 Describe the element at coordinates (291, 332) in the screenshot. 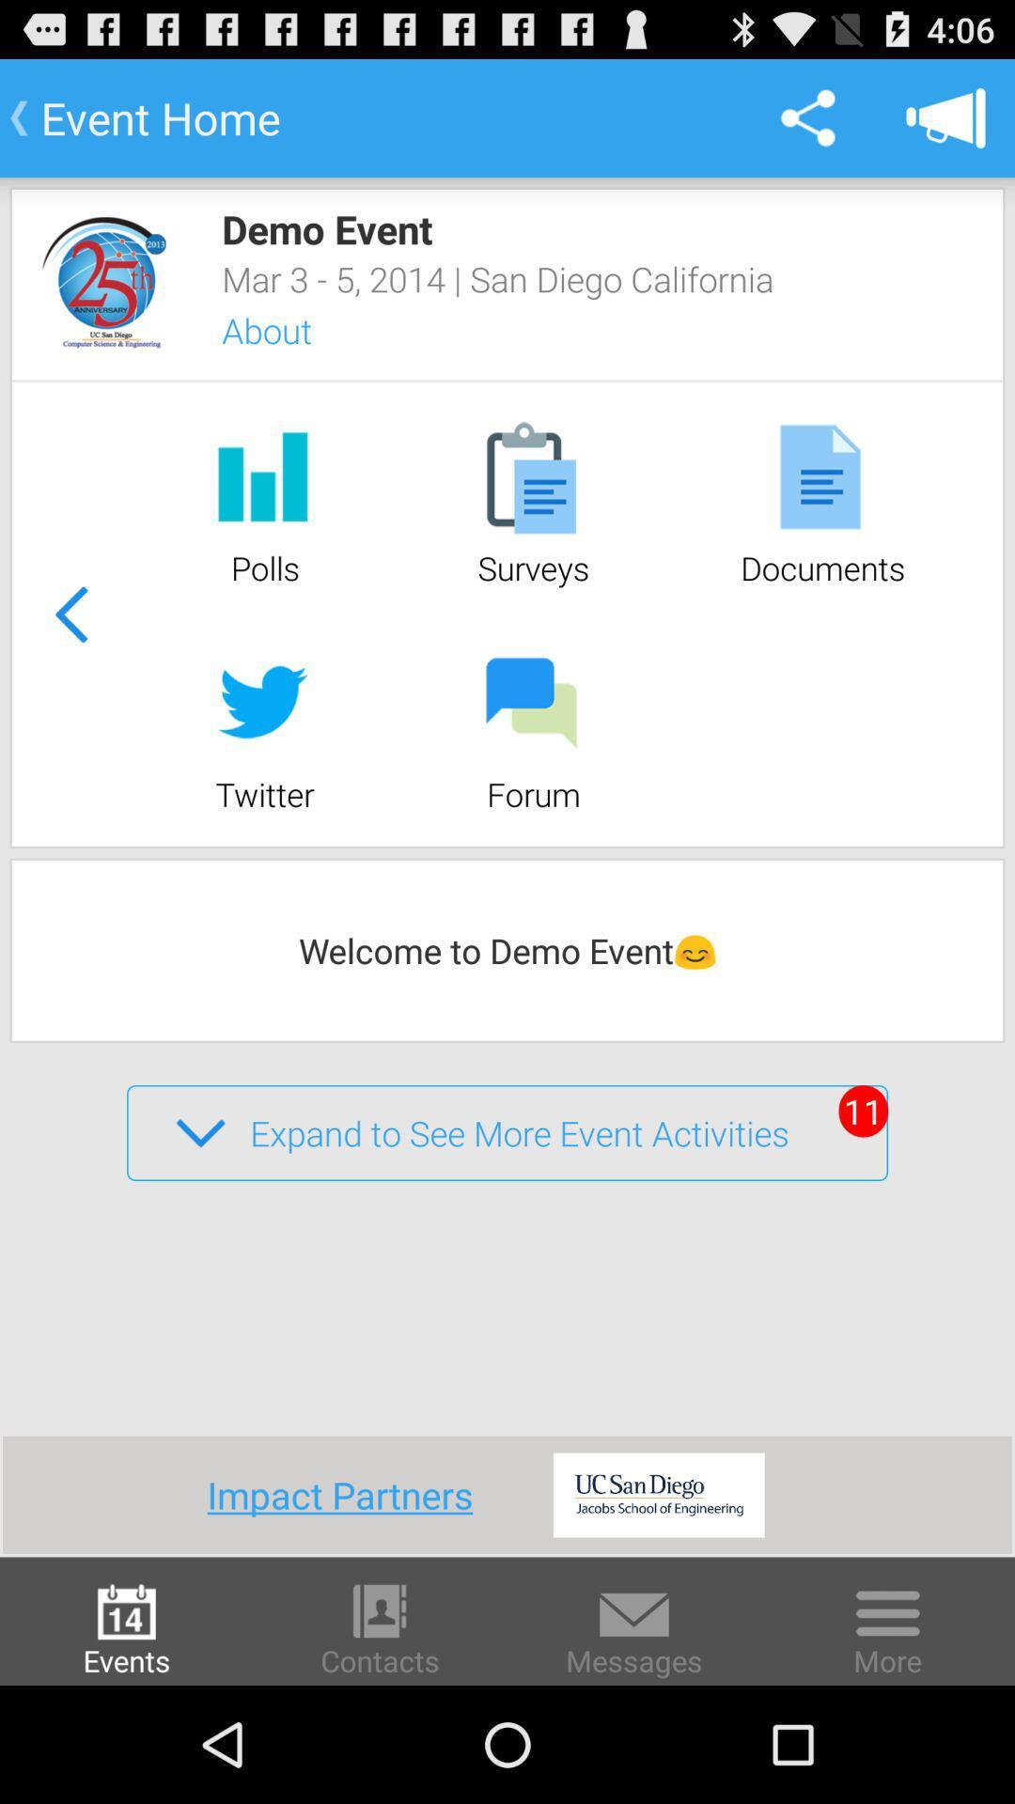

I see `icon below mar 3 5` at that location.